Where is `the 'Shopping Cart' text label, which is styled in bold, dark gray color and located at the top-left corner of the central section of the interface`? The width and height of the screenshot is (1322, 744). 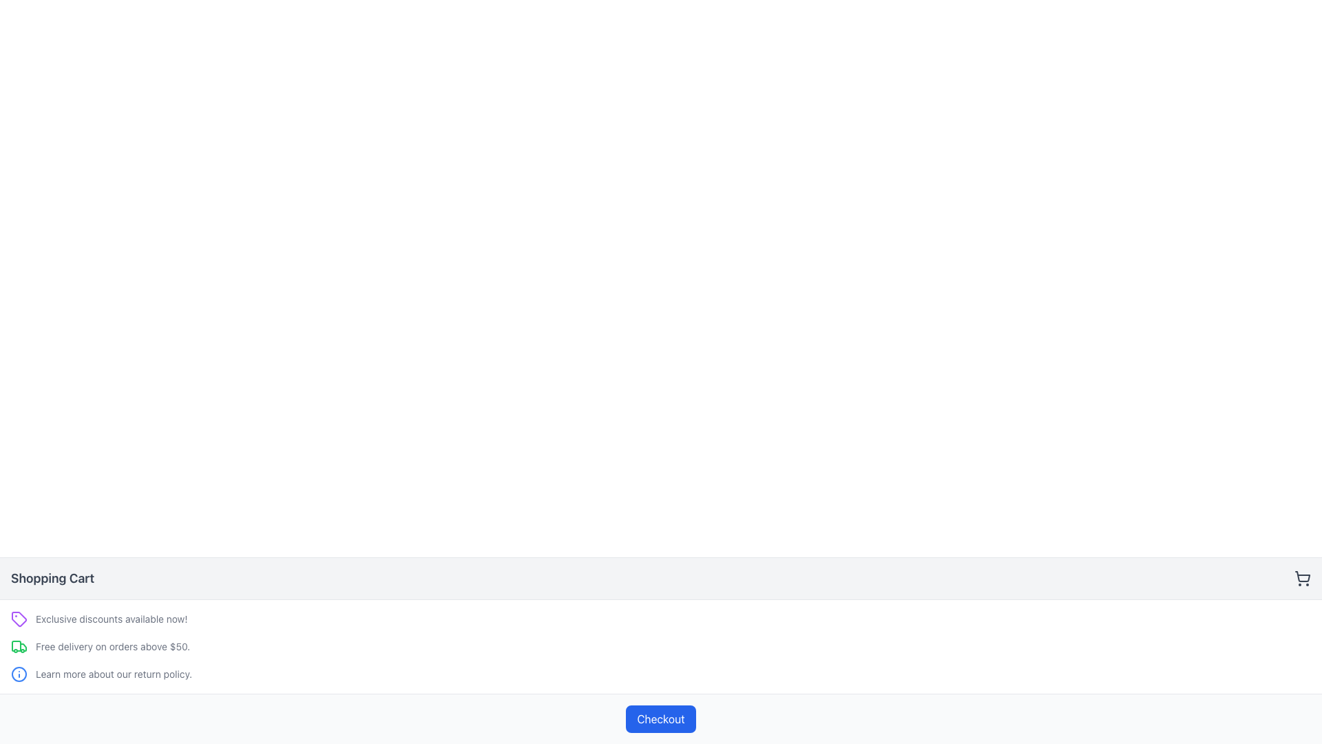 the 'Shopping Cart' text label, which is styled in bold, dark gray color and located at the top-left corner of the central section of the interface is located at coordinates (52, 579).